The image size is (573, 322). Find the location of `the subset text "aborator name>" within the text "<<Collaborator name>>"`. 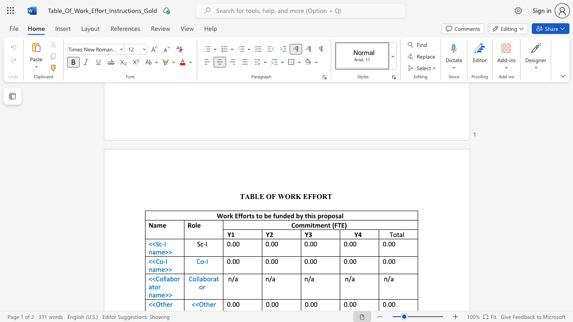

the subset text "aborator name>" within the text "<<Collaborator name>>" is located at coordinates (167, 278).